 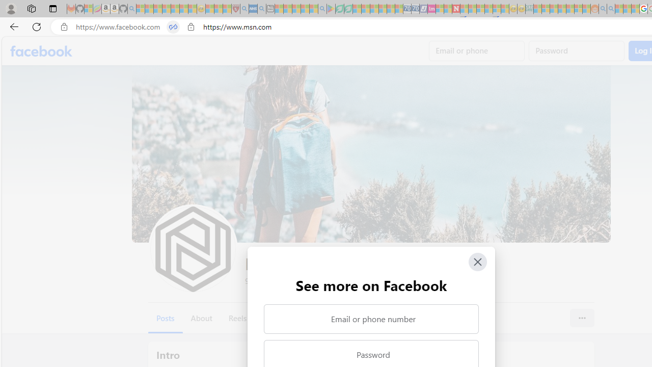 What do you see at coordinates (529, 9) in the screenshot?
I see `'DITOGAMES AG Imprint - Sleeping'` at bounding box center [529, 9].